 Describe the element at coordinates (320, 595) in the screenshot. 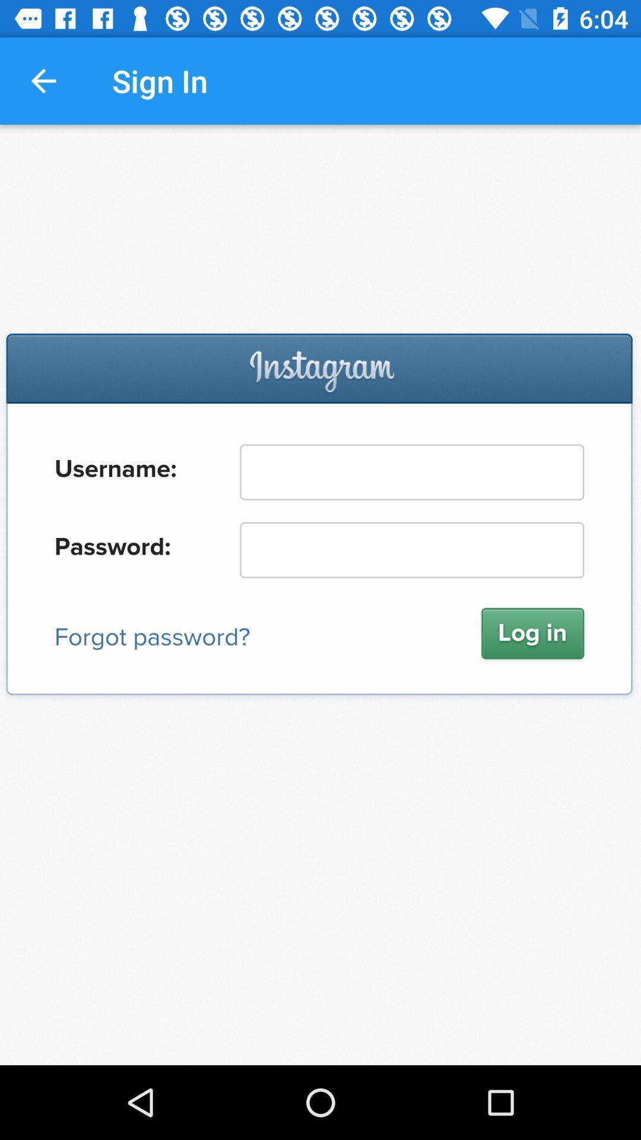

I see `log in` at that location.